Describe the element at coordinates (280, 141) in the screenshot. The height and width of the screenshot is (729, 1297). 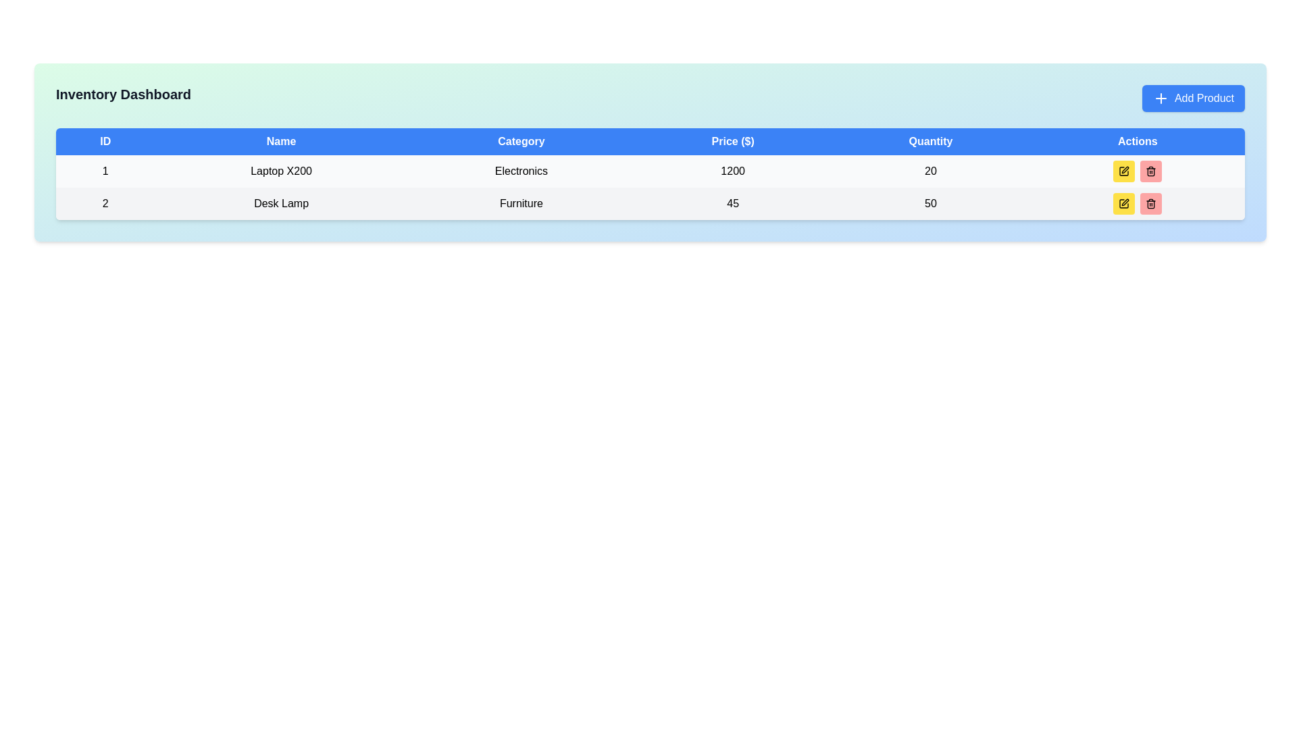
I see `the 'Name' table header element, which is the second column header in the table, featuring white text on a blue background` at that location.